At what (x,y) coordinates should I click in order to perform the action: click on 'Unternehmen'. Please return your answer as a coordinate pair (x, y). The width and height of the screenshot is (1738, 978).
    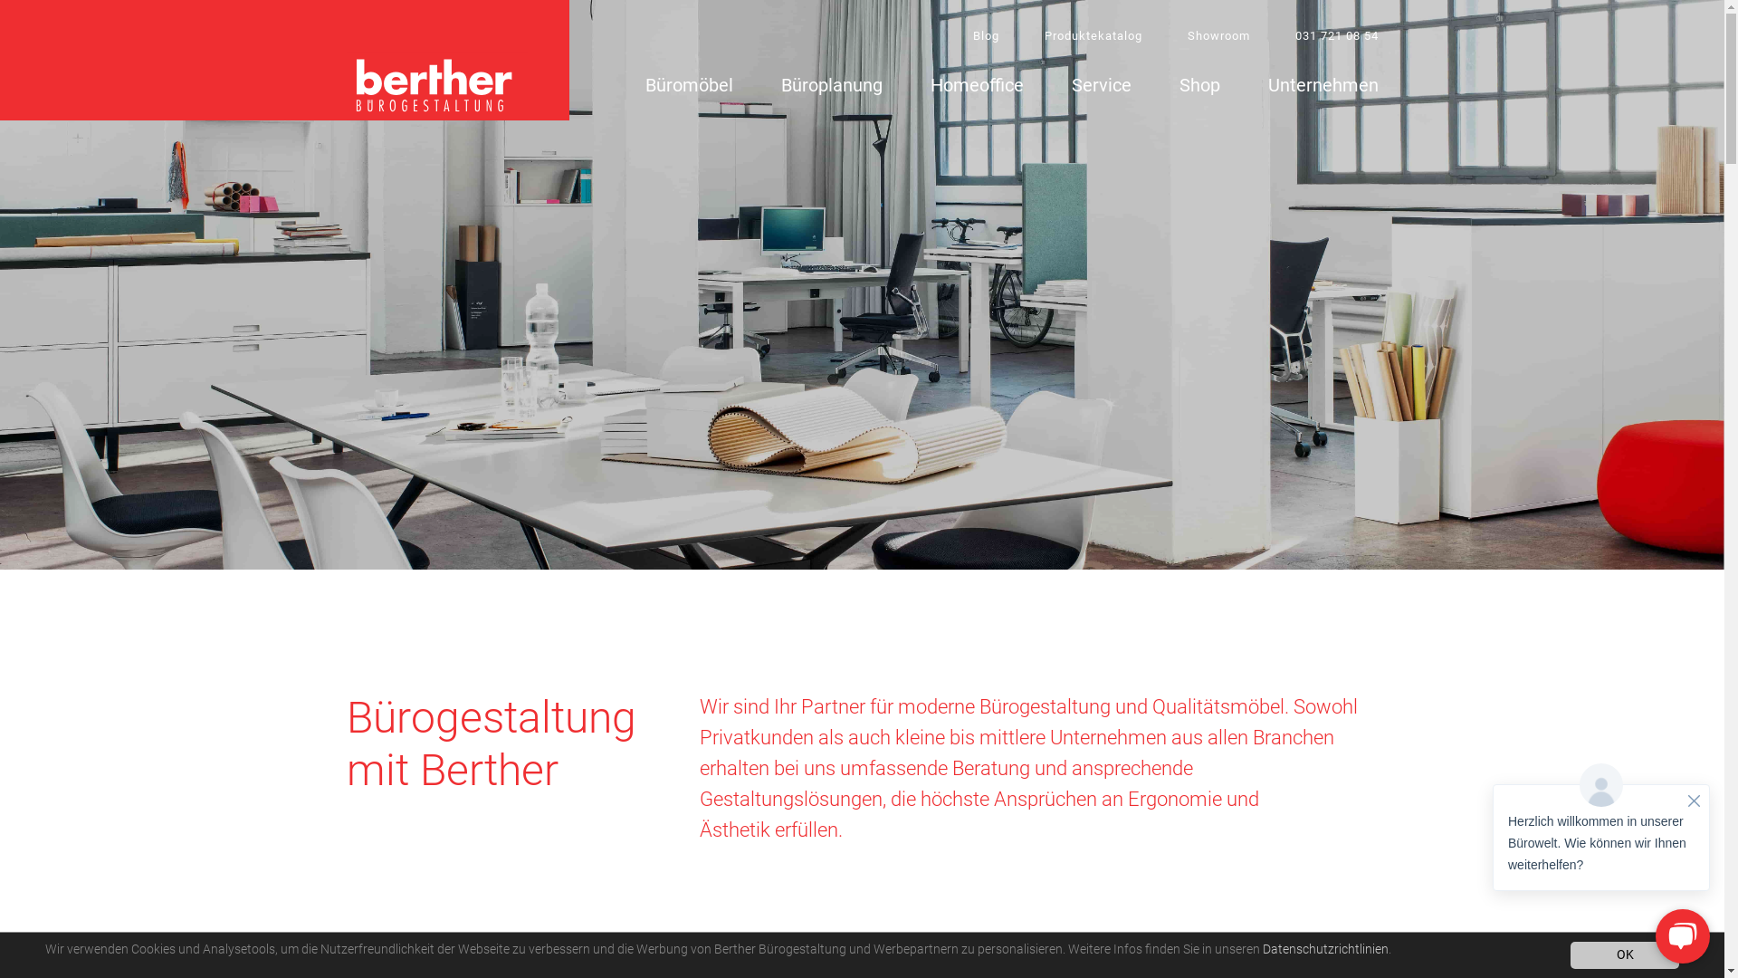
    Looking at the image, I should click on (1266, 88).